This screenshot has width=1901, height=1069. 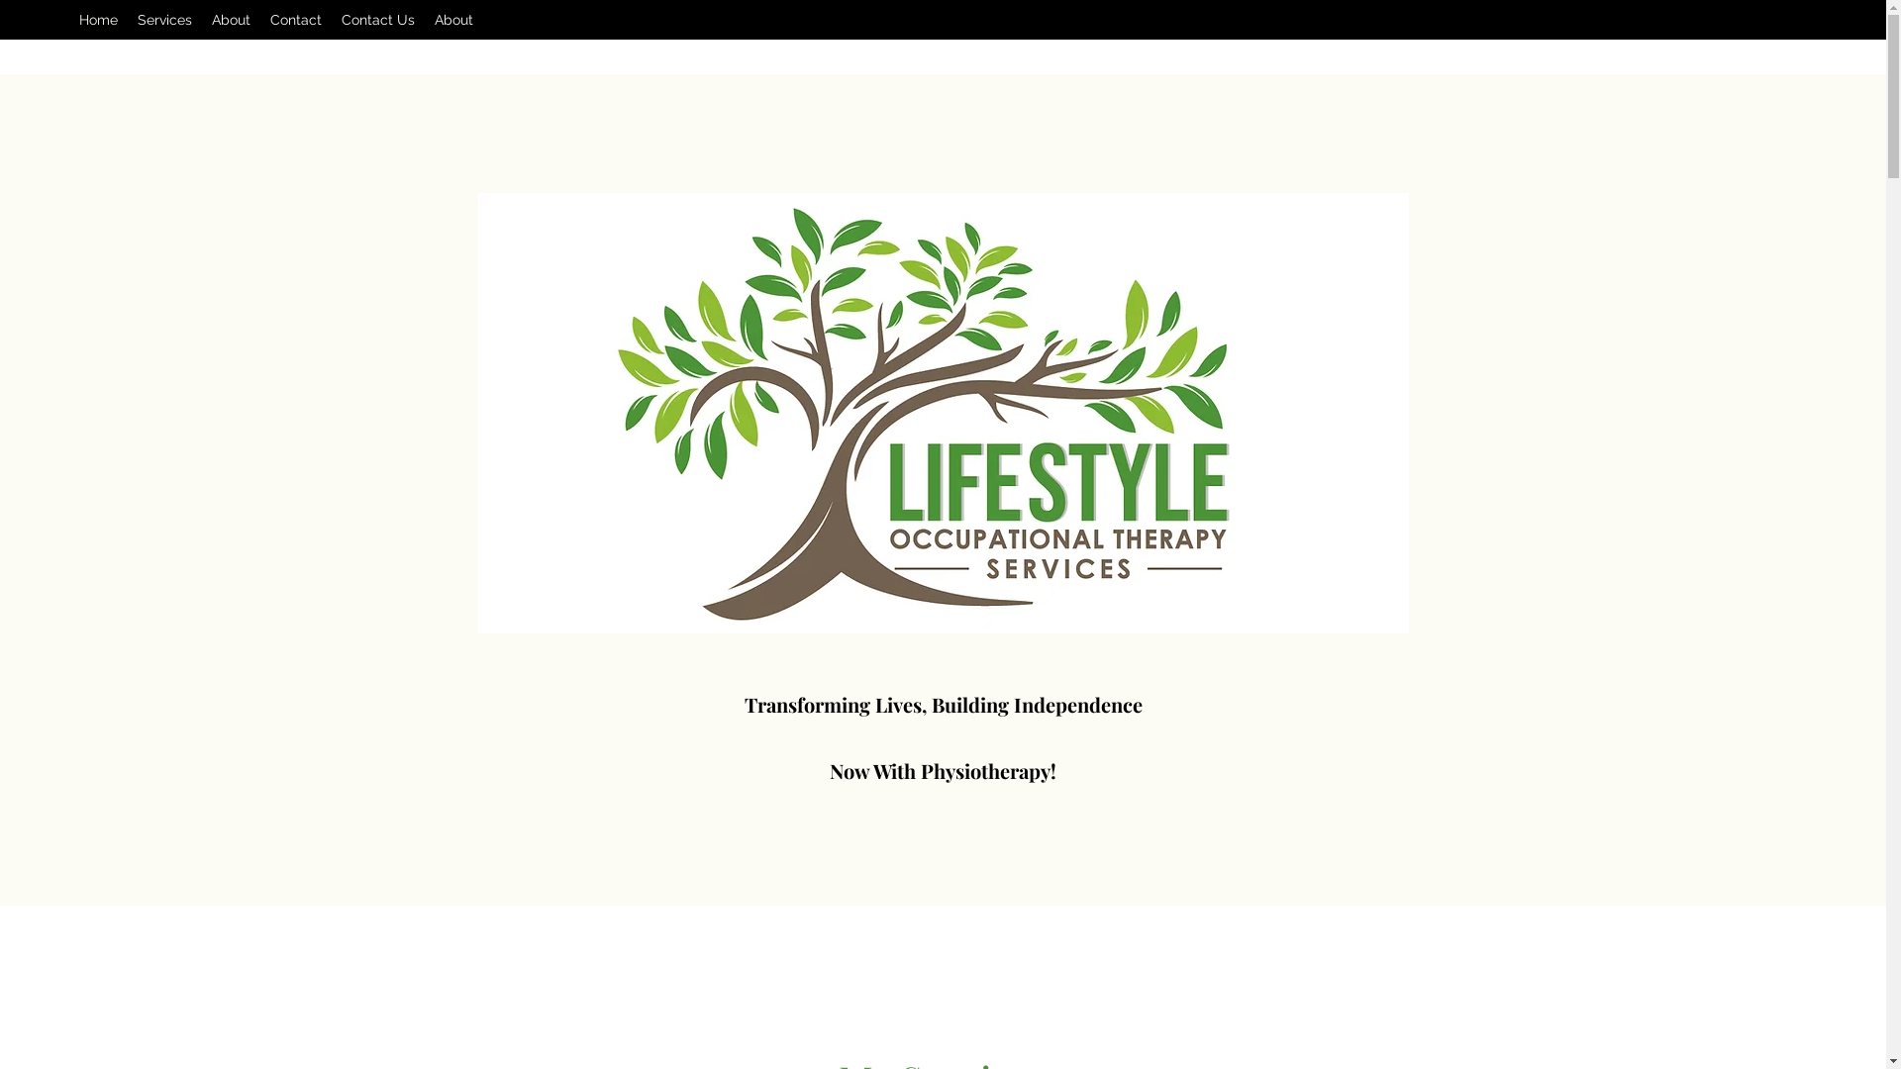 What do you see at coordinates (231, 19) in the screenshot?
I see `'About'` at bounding box center [231, 19].